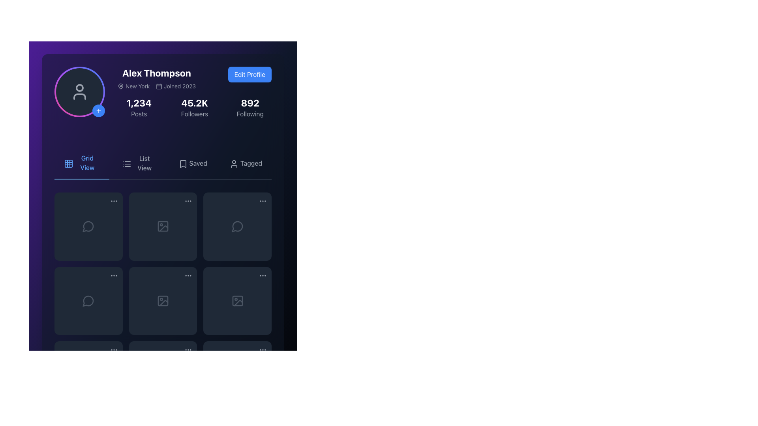 The width and height of the screenshot is (758, 426). Describe the element at coordinates (249, 75) in the screenshot. I see `the edit profile button located at the top-right side of the header block, rightmost element aligned with 'Alex Thompson'` at that location.